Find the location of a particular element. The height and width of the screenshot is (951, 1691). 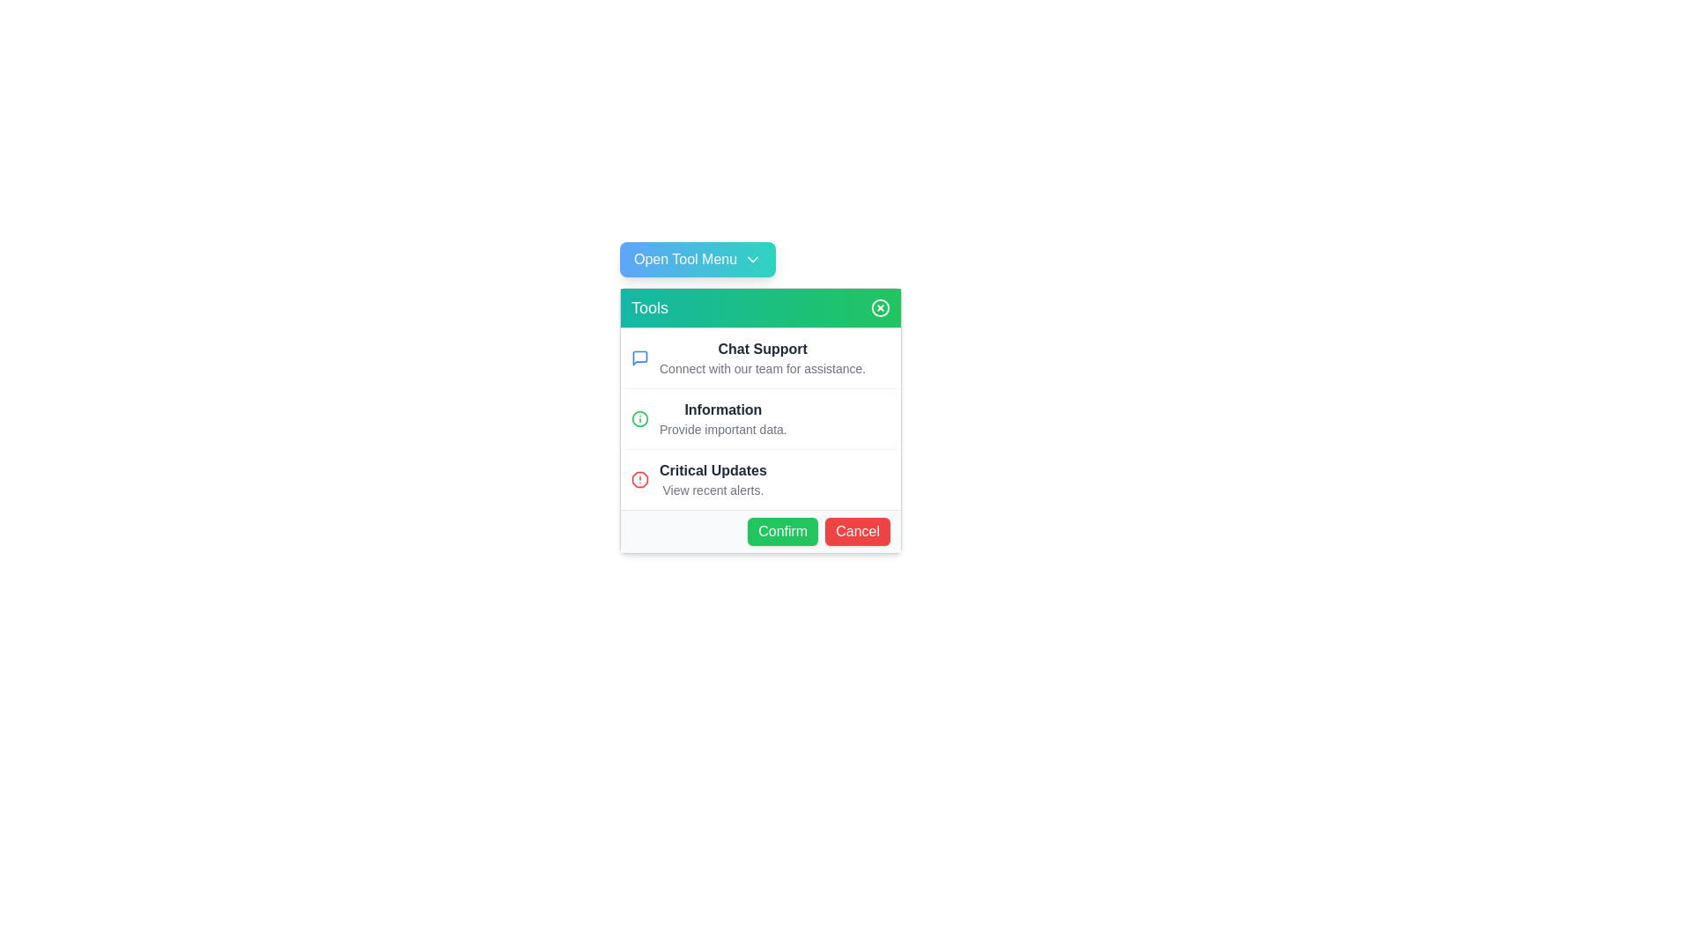

the bold text label indicating critical updates located under the 'Tools' section, above the description 'View recent alerts.' is located at coordinates (713, 470).